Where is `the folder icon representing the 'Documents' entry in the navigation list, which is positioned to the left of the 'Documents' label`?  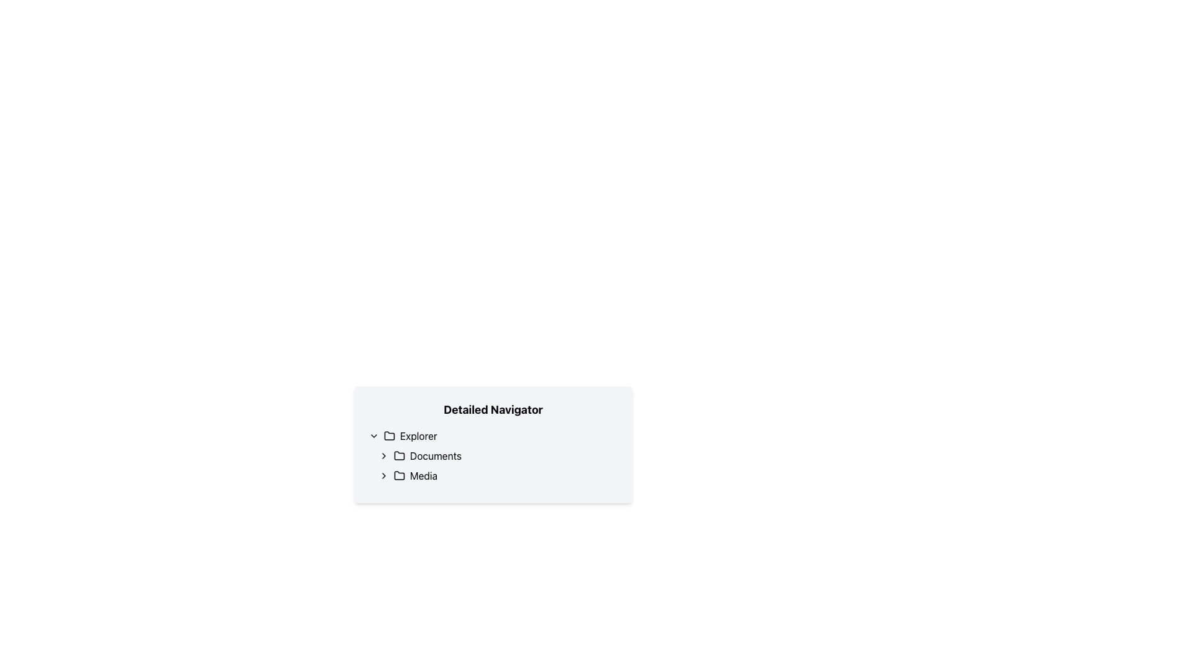
the folder icon representing the 'Documents' entry in the navigation list, which is positioned to the left of the 'Documents' label is located at coordinates (400, 455).